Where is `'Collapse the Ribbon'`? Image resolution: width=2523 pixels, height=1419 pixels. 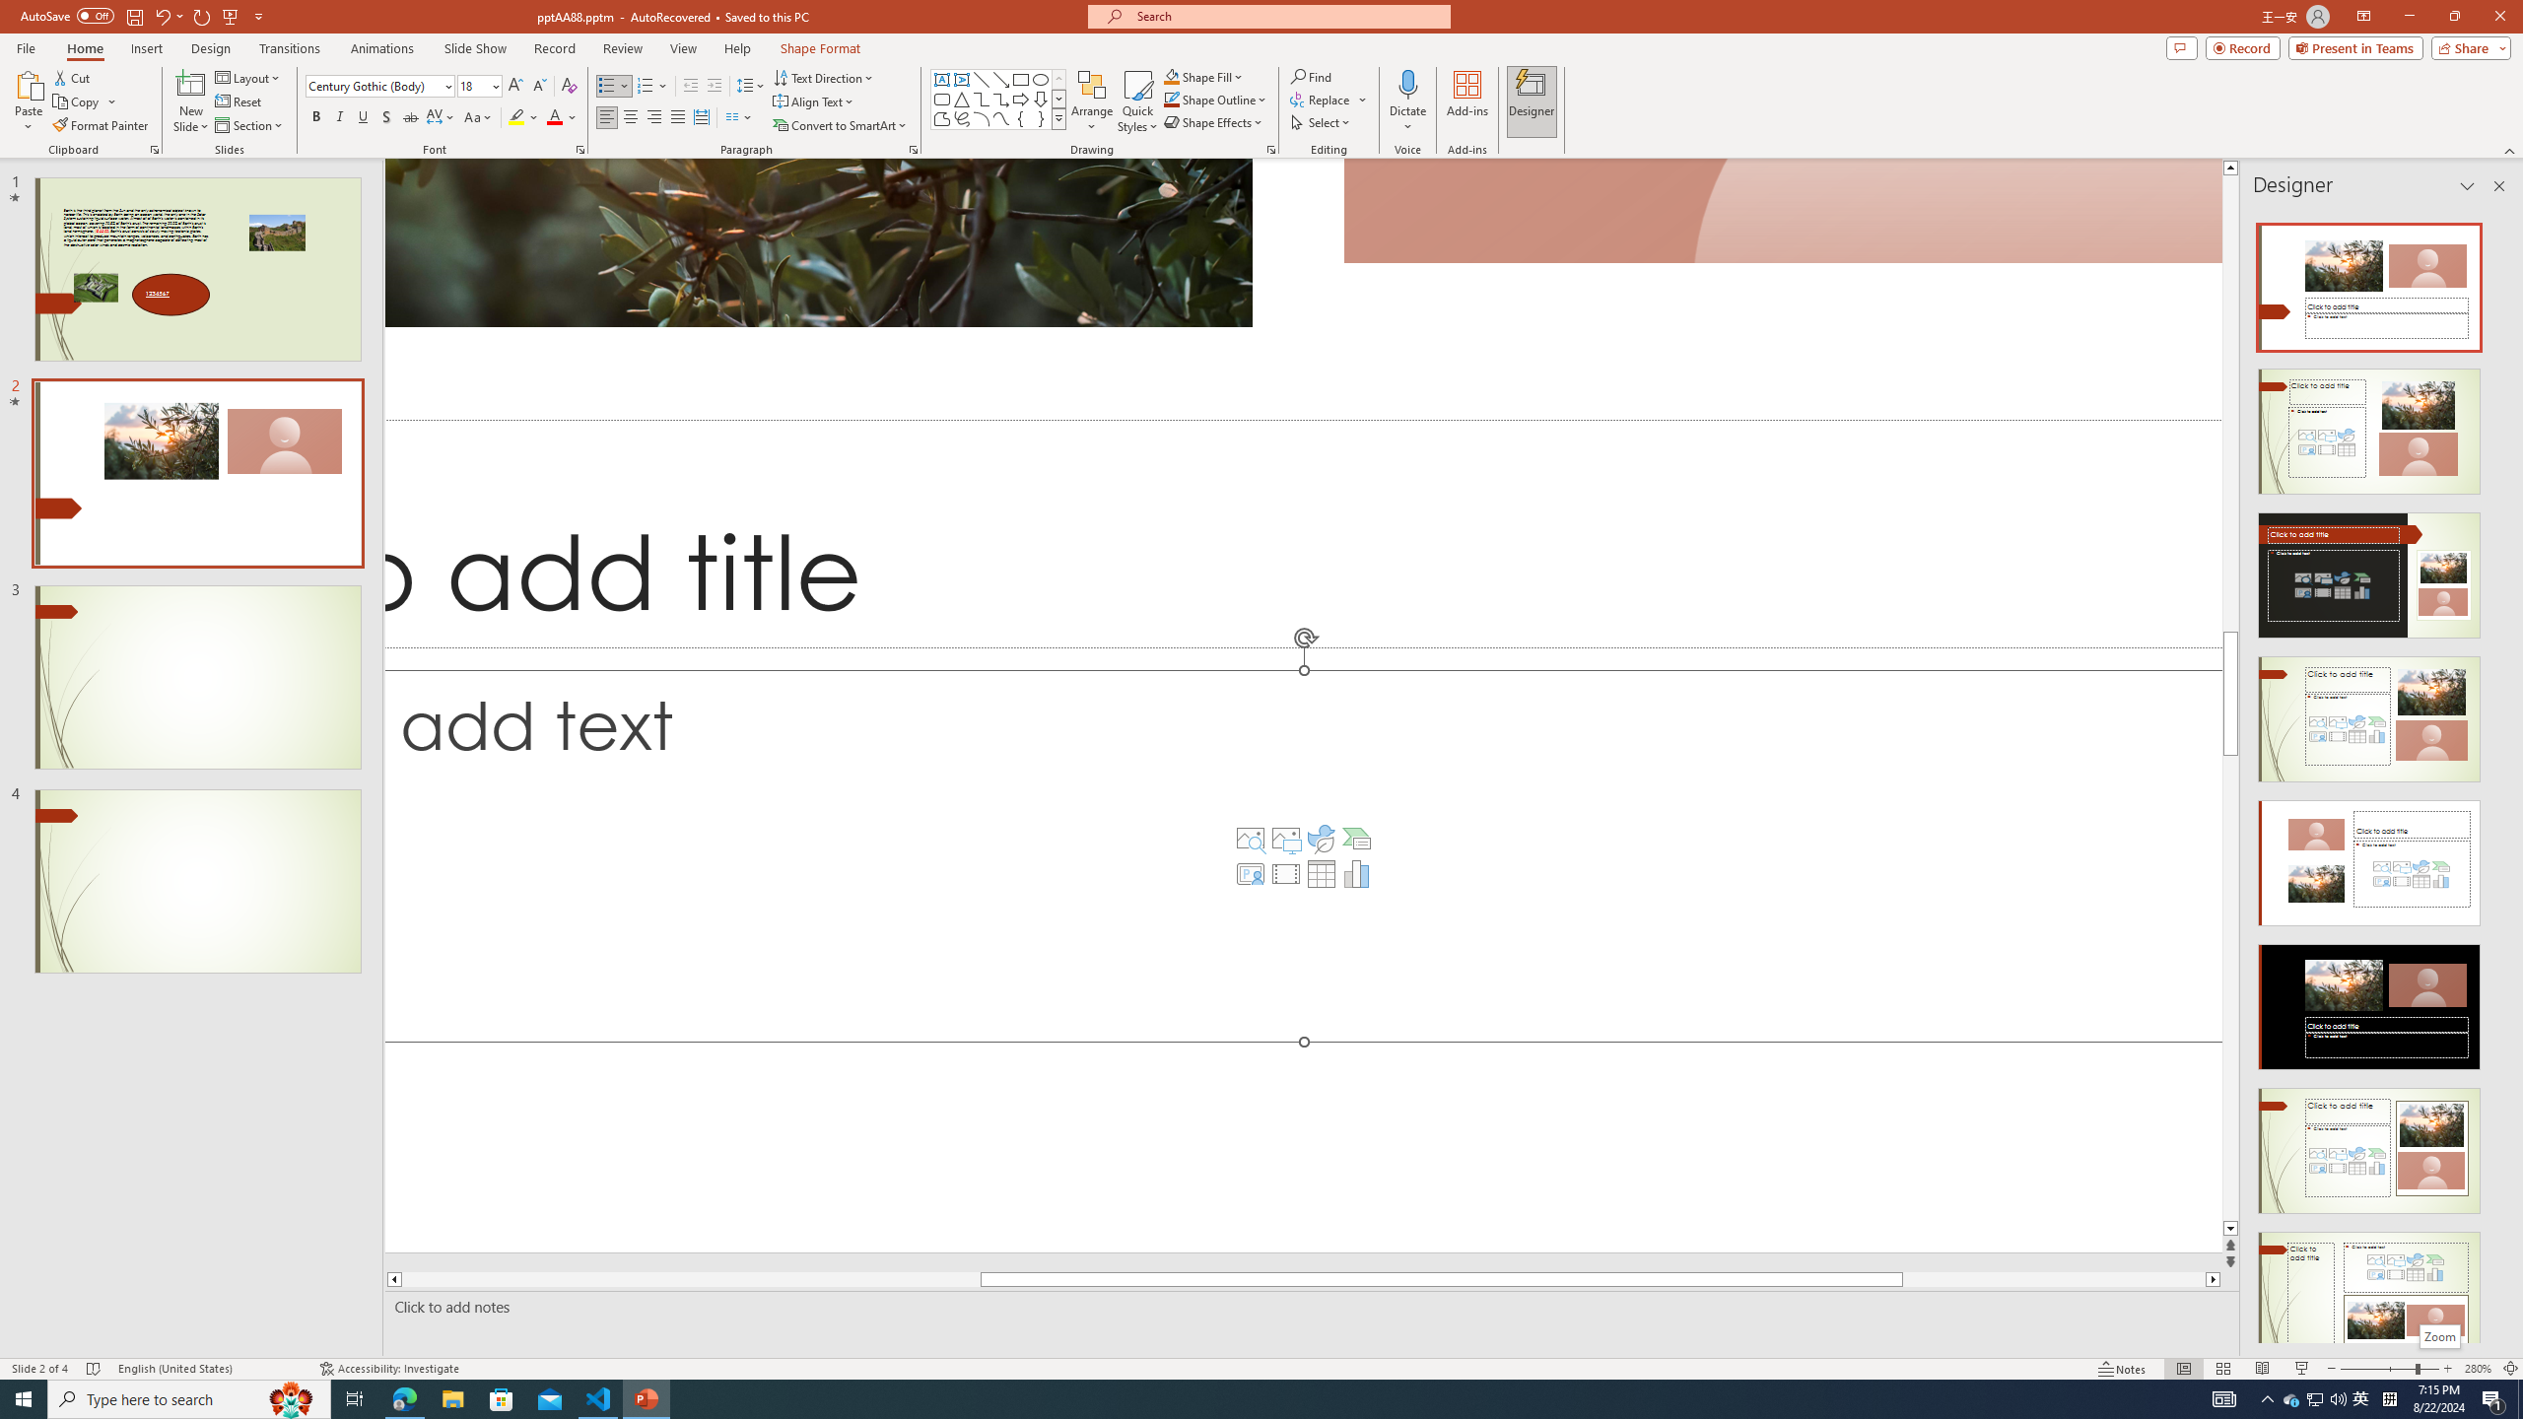
'Collapse the Ribbon' is located at coordinates (2510, 151).